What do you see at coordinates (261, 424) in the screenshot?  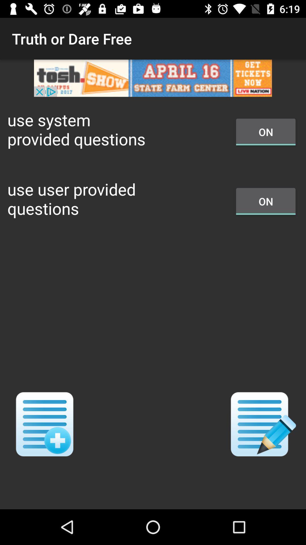 I see `fill in` at bounding box center [261, 424].